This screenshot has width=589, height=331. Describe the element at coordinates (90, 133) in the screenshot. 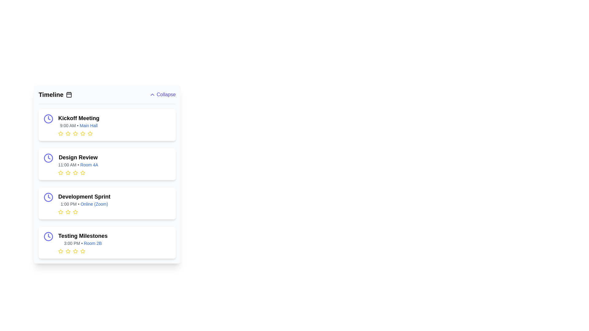

I see `the fifth star icon in the 'Kickoff Meeting' card` at that location.